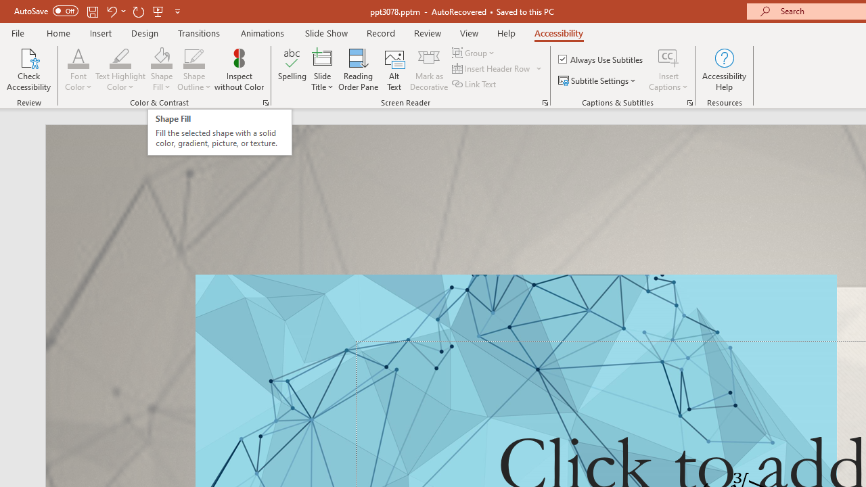  Describe the element at coordinates (193, 57) in the screenshot. I see `'Shape Outline'` at that location.